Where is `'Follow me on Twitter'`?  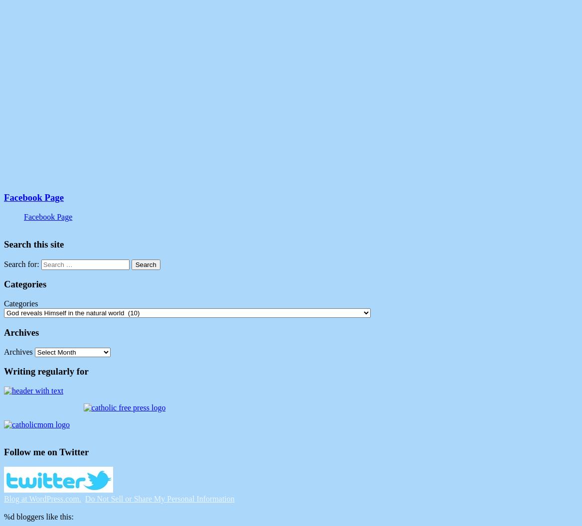 'Follow me on Twitter' is located at coordinates (45, 451).